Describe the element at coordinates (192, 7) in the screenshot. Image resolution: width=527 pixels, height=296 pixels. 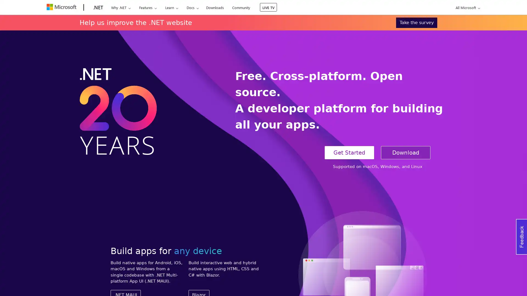
I see `Docs` at that location.